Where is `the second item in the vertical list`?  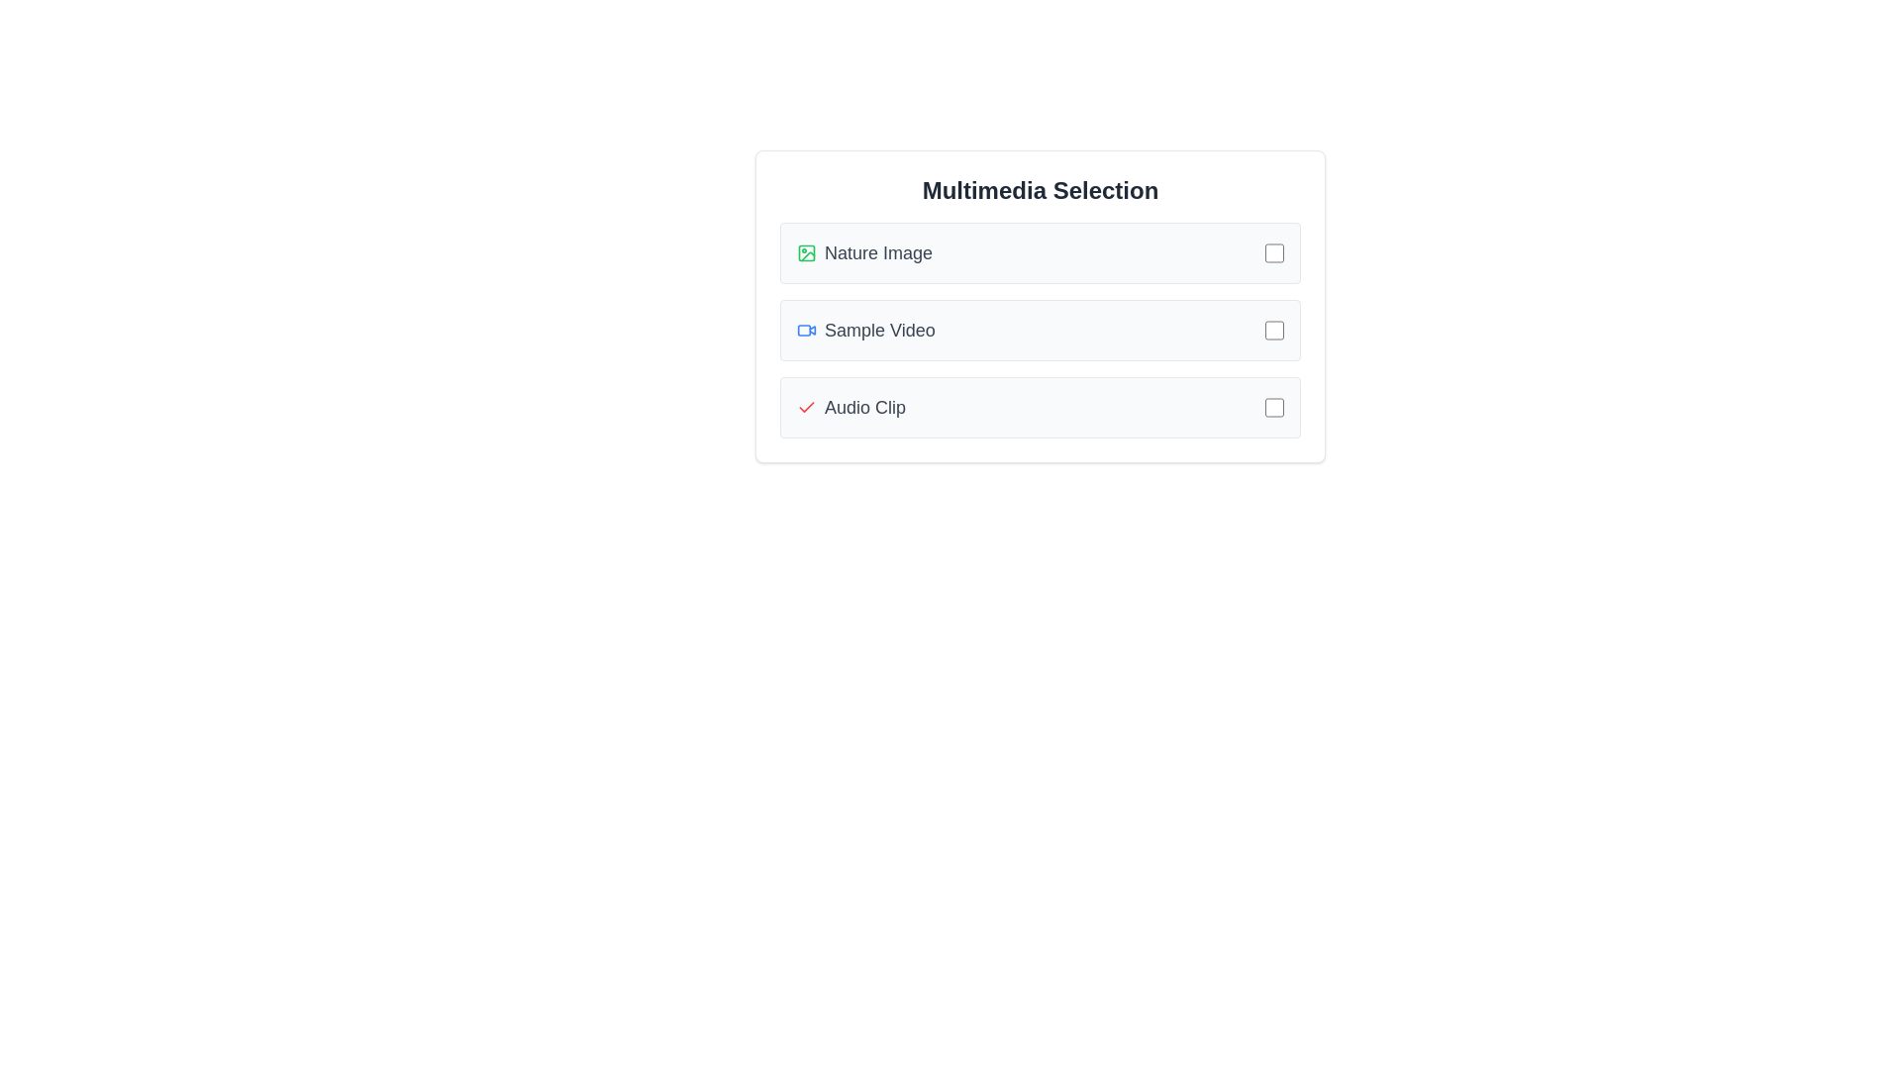
the second item in the vertical list is located at coordinates (1040, 330).